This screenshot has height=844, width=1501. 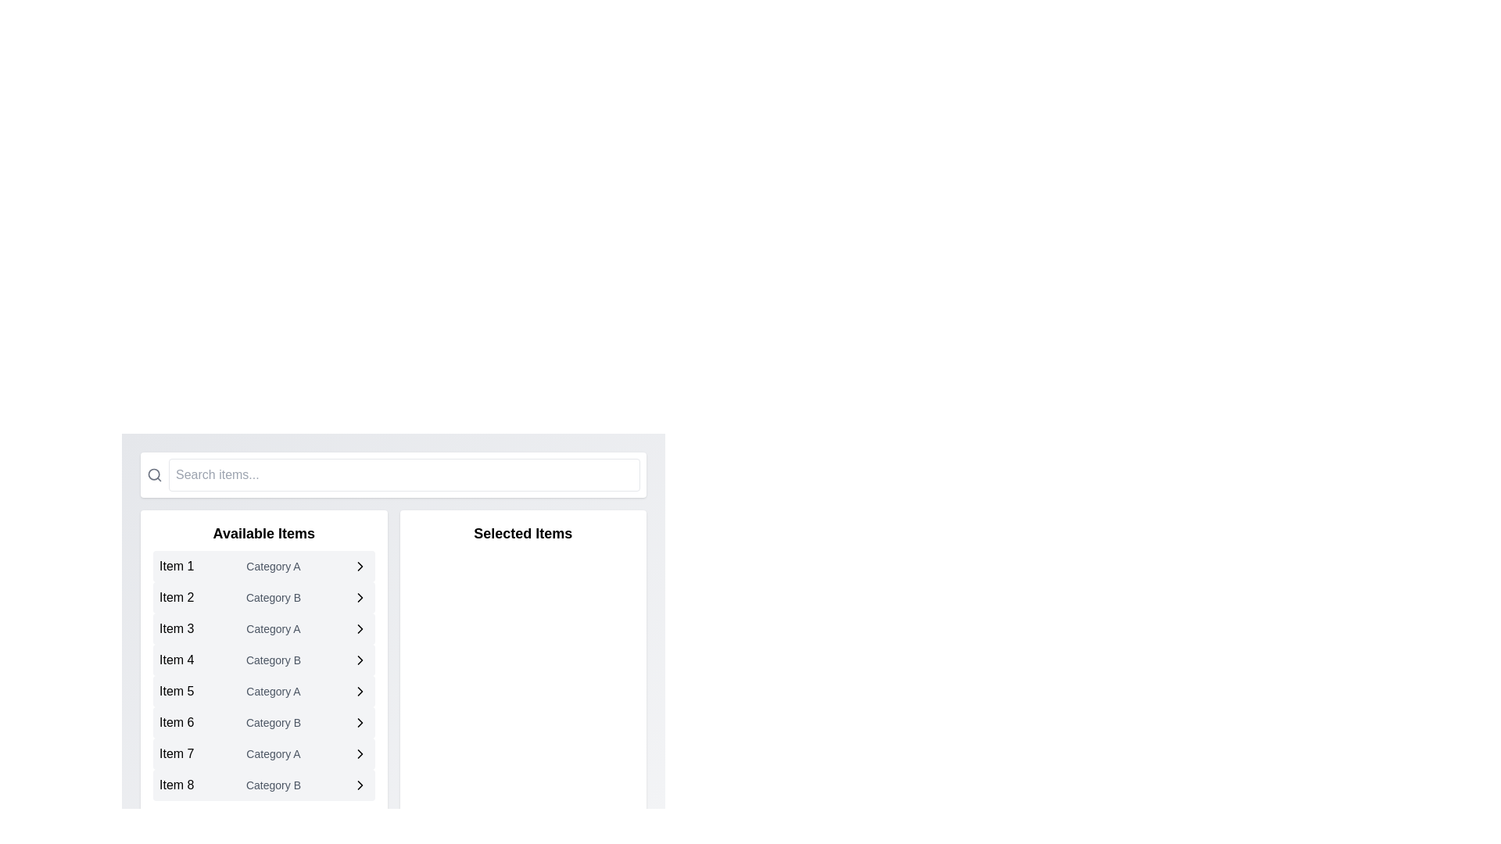 I want to click on text from the small text label displaying 'Item 2', which is located in the left column under the 'Available Items' header, so click(x=177, y=597).